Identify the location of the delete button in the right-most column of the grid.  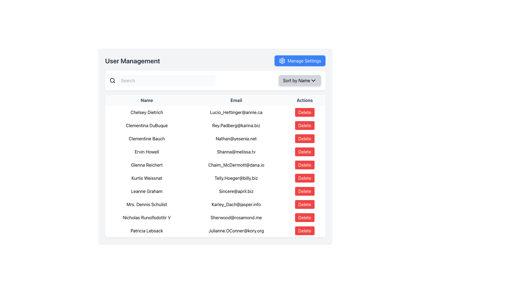
(304, 230).